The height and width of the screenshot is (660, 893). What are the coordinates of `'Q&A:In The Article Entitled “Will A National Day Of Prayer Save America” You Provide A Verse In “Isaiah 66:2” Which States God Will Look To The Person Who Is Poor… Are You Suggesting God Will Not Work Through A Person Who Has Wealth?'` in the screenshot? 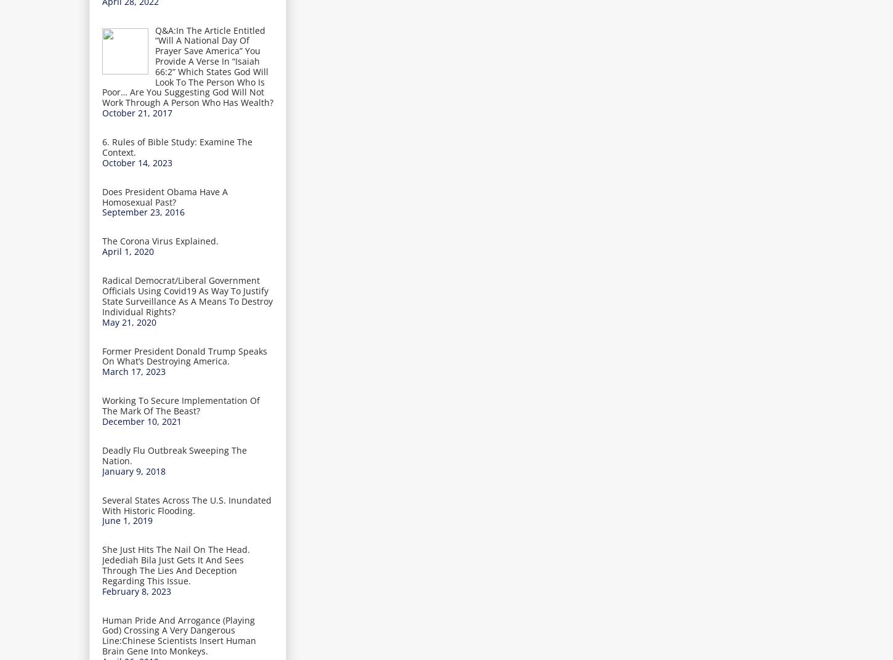 It's located at (187, 66).